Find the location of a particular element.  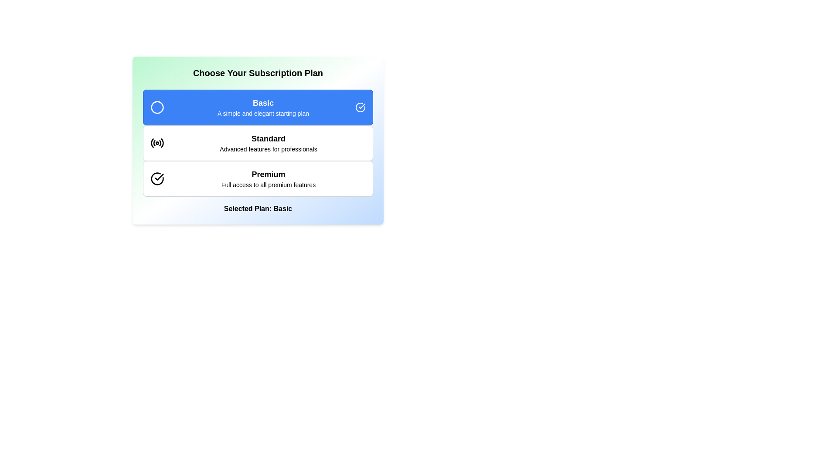

the 'Basic' text label, which is prominently displayed in white text against a blue background, serving as the title for the 'Basic' plan option is located at coordinates (263, 102).